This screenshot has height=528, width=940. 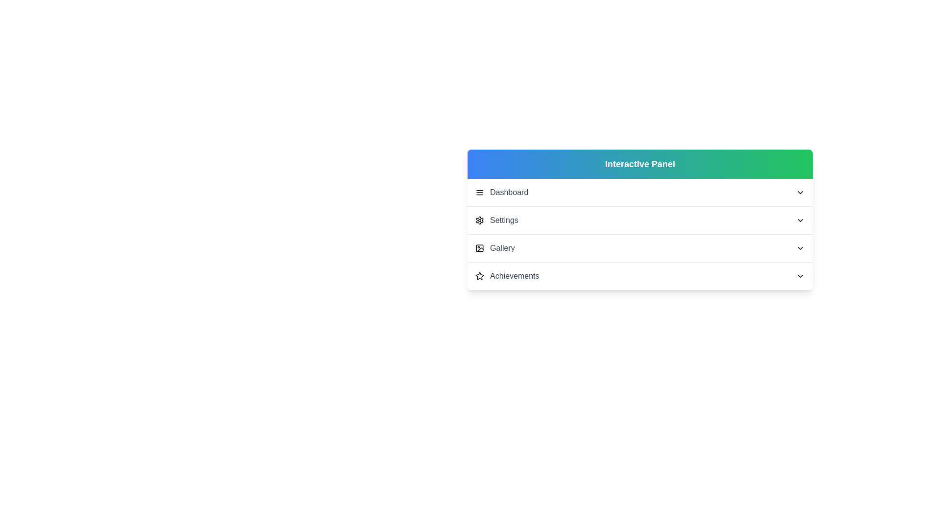 I want to click on the settings icon located to the left of the 'Settings' label in the interactive panel menu, so click(x=479, y=220).